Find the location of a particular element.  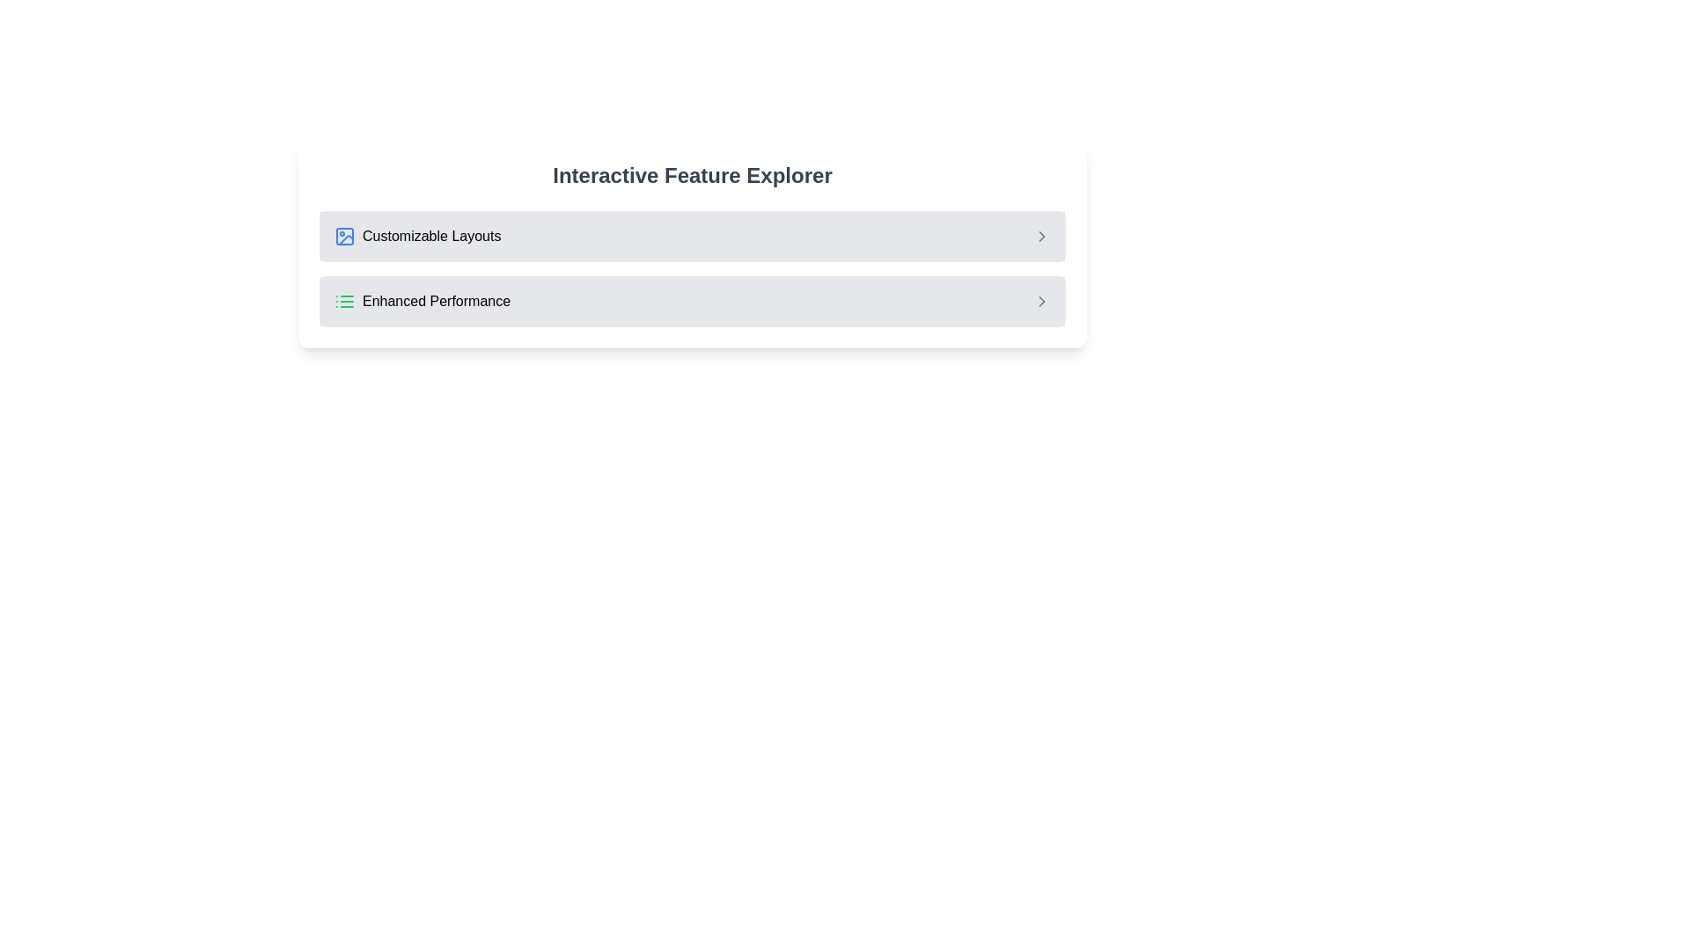

the icon of the List Option with Icon and Text for Enhanced Performance is located at coordinates (422, 301).